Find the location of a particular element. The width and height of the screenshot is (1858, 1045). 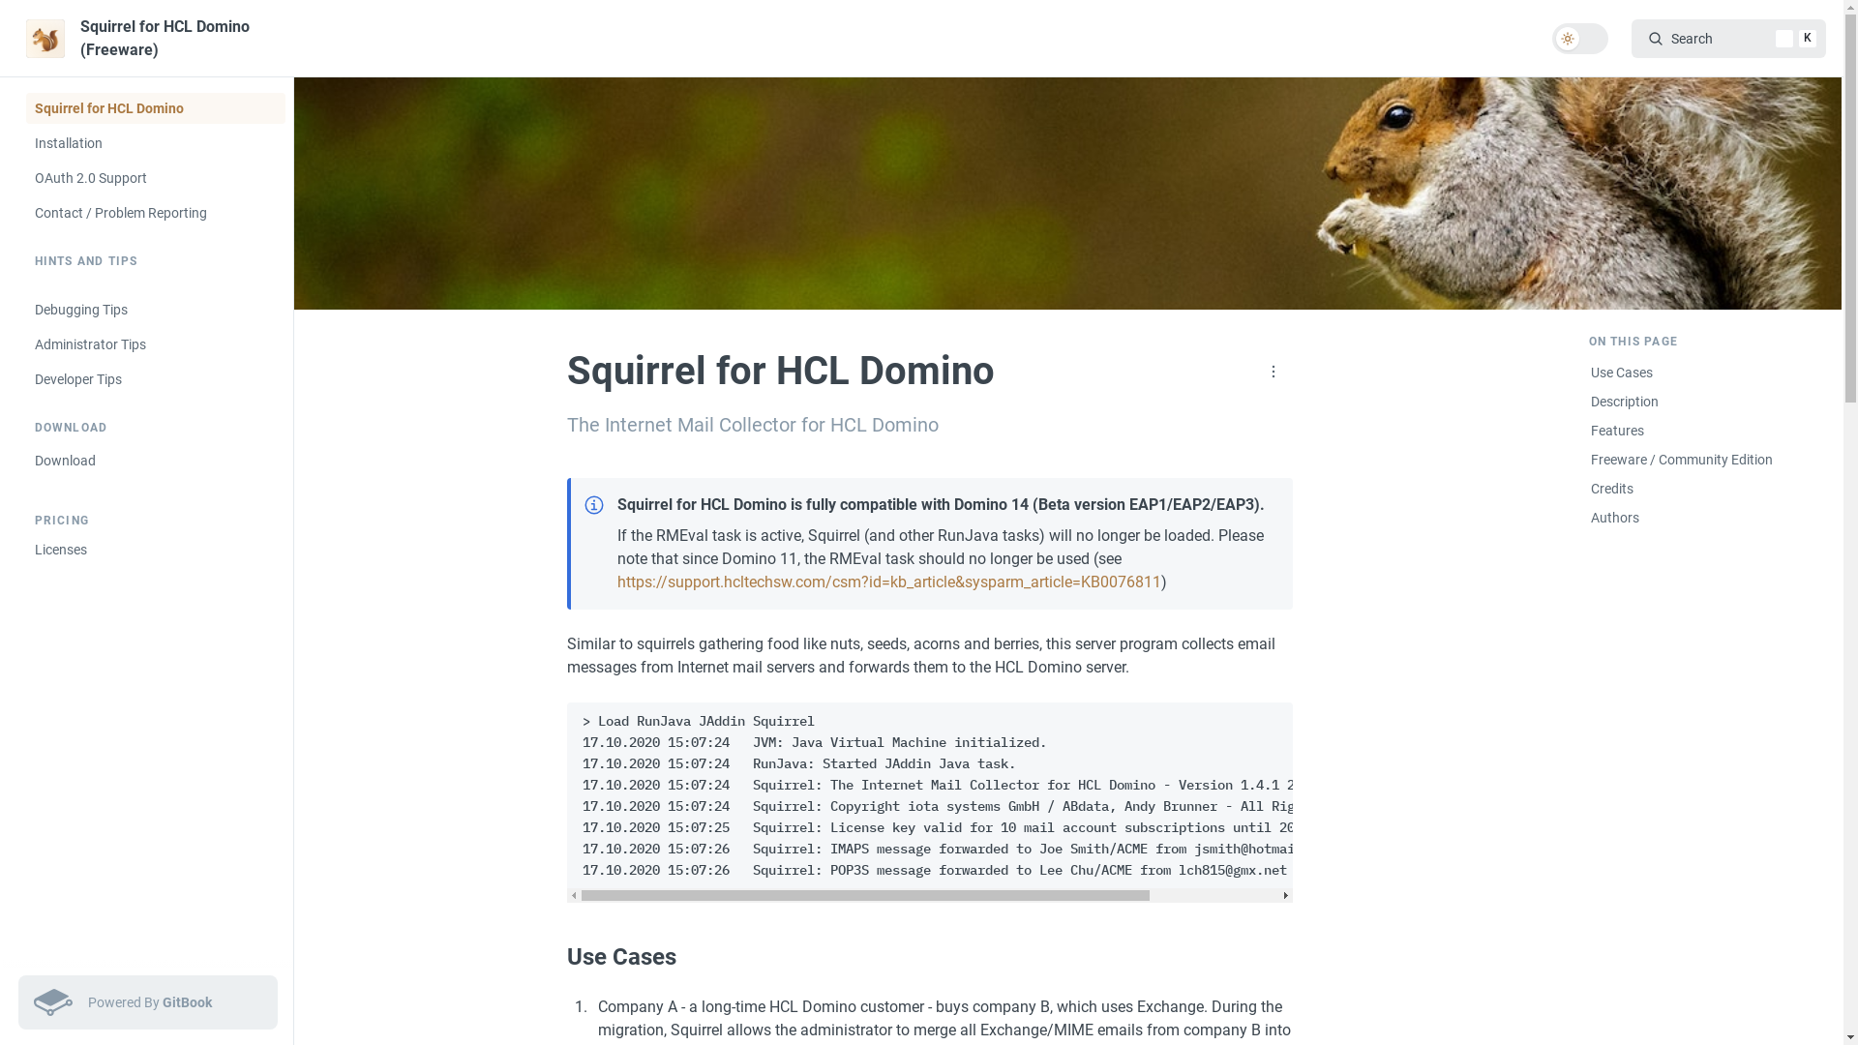

'Administrator Tips' is located at coordinates (153, 343).